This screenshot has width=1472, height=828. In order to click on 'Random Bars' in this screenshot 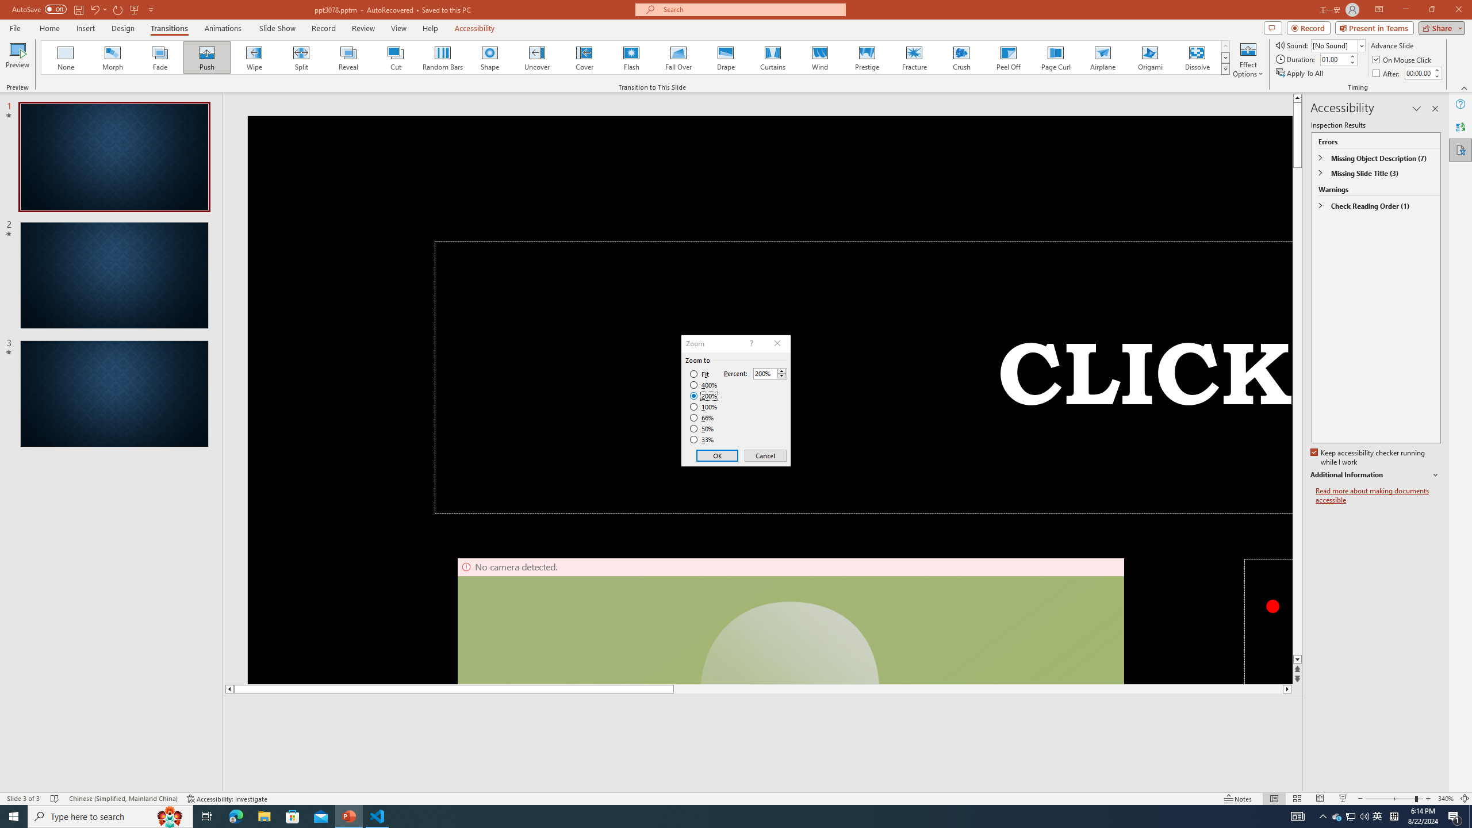, I will do `click(443, 57)`.